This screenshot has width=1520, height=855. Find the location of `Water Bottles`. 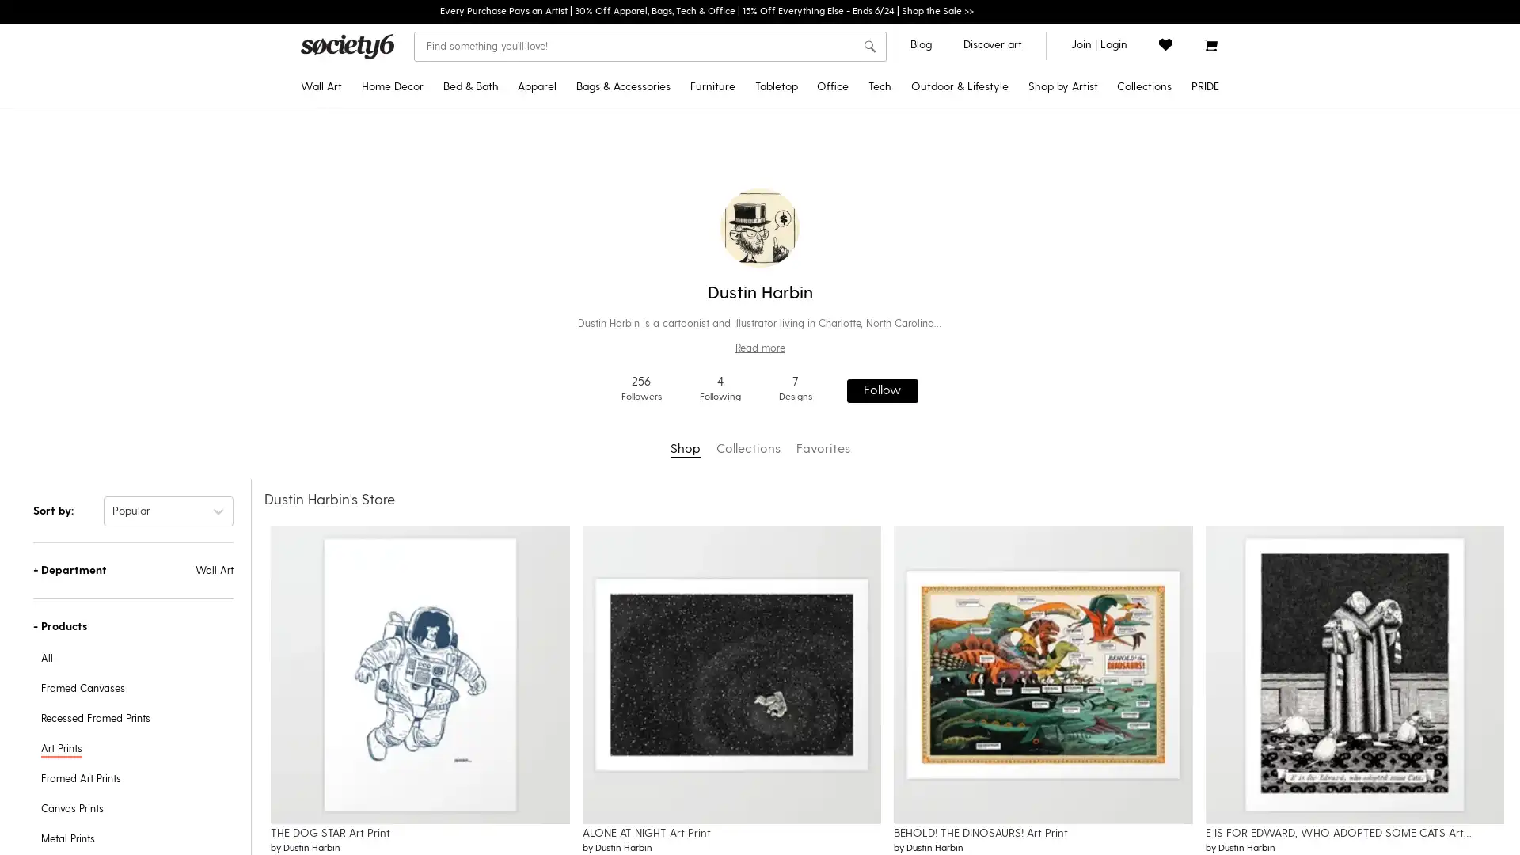

Water Bottles is located at coordinates (980, 203).